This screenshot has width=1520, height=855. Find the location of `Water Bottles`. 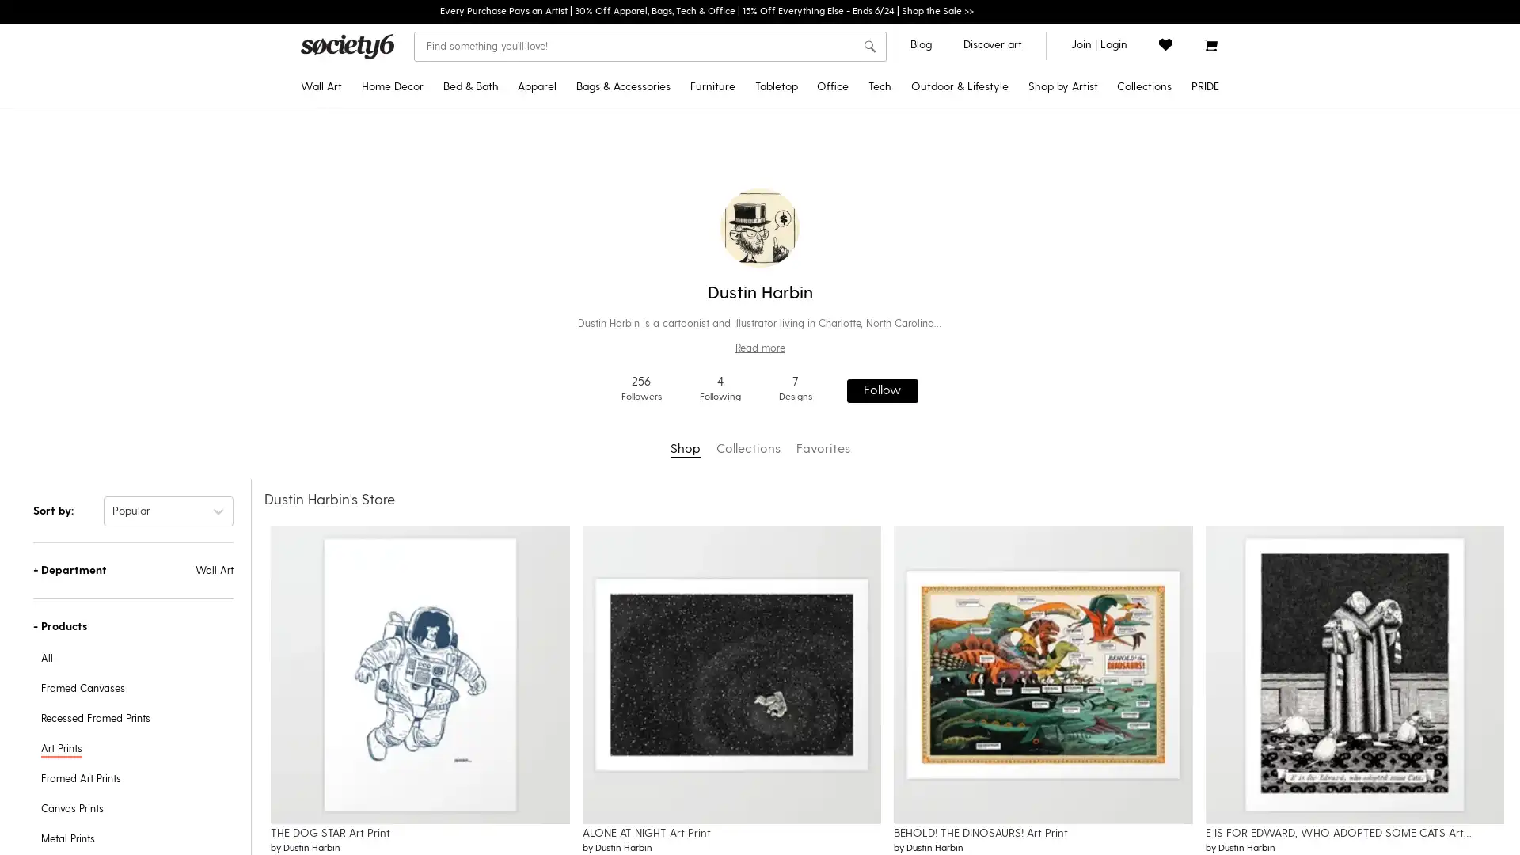

Water Bottles is located at coordinates (980, 203).